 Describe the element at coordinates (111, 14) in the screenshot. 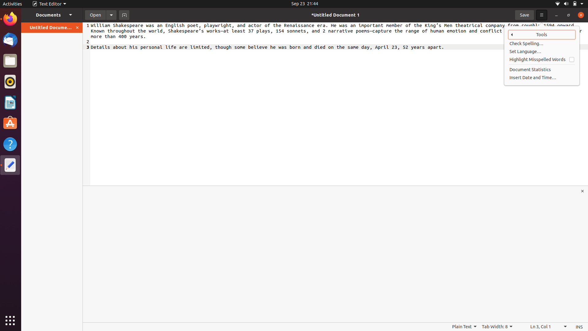

I see `the document settings` at that location.